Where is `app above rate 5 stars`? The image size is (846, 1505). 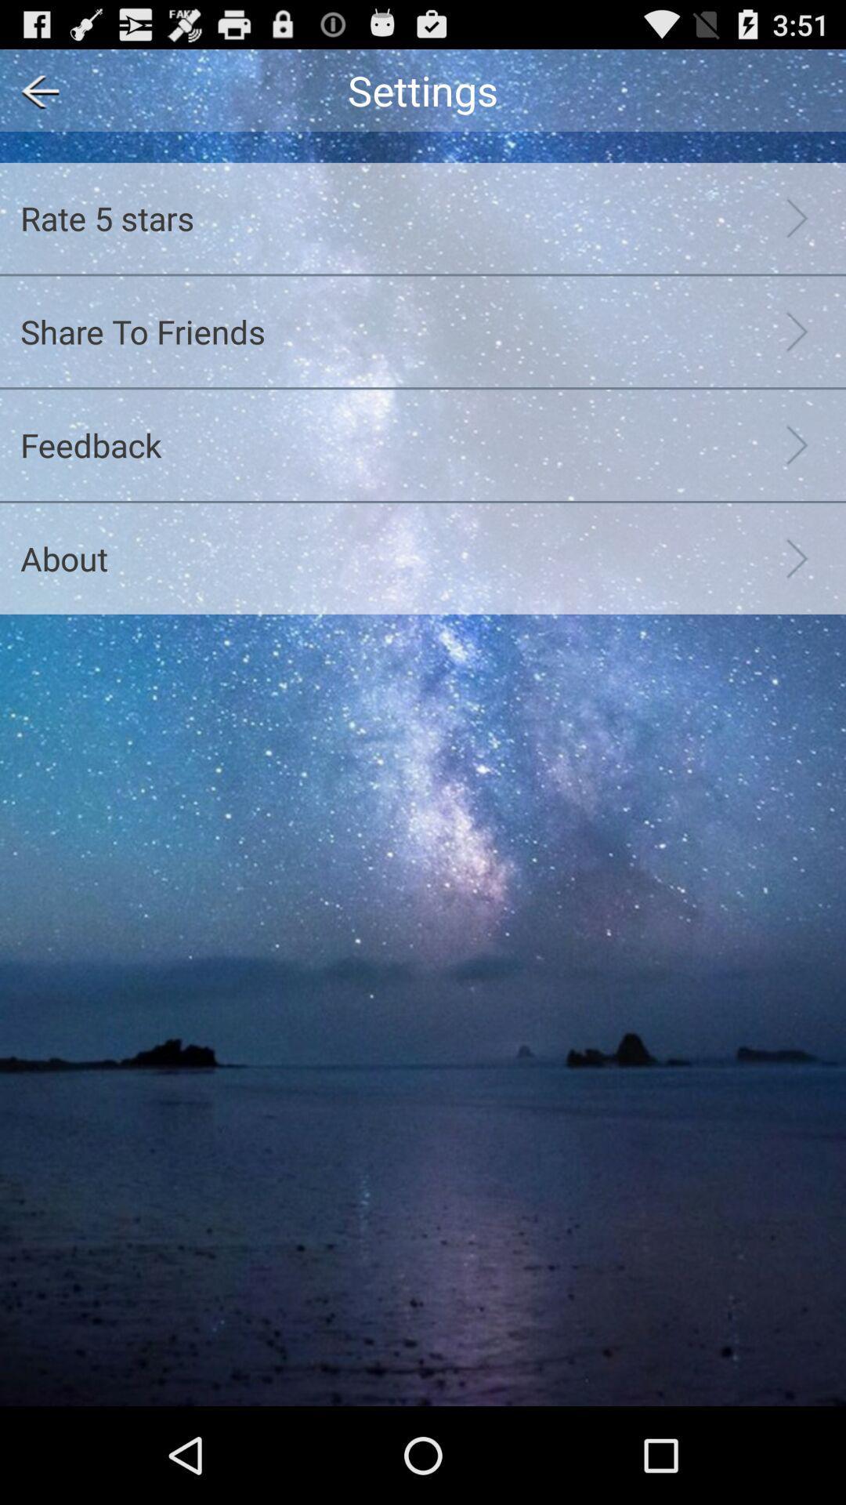 app above rate 5 stars is located at coordinates (34, 89).